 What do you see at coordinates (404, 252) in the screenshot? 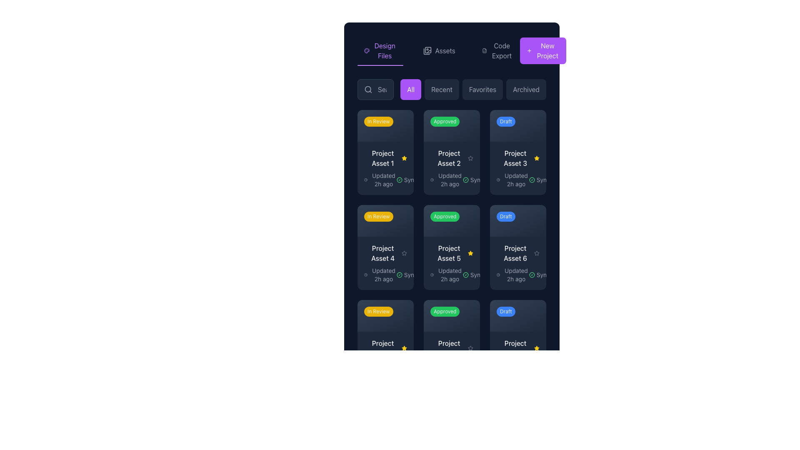
I see `the inactive star icon located to the right of 'Project Asset 4'` at bounding box center [404, 252].